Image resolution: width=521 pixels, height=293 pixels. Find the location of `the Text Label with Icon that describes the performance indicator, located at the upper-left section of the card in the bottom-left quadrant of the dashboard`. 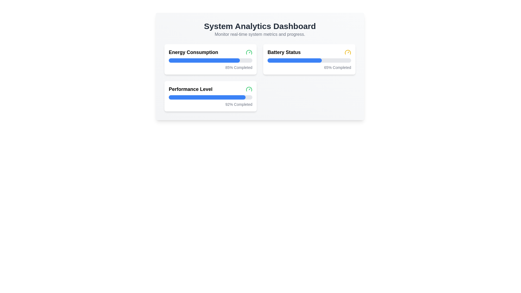

the Text Label with Icon that describes the performance indicator, located at the upper-left section of the card in the bottom-left quadrant of the dashboard is located at coordinates (210, 89).